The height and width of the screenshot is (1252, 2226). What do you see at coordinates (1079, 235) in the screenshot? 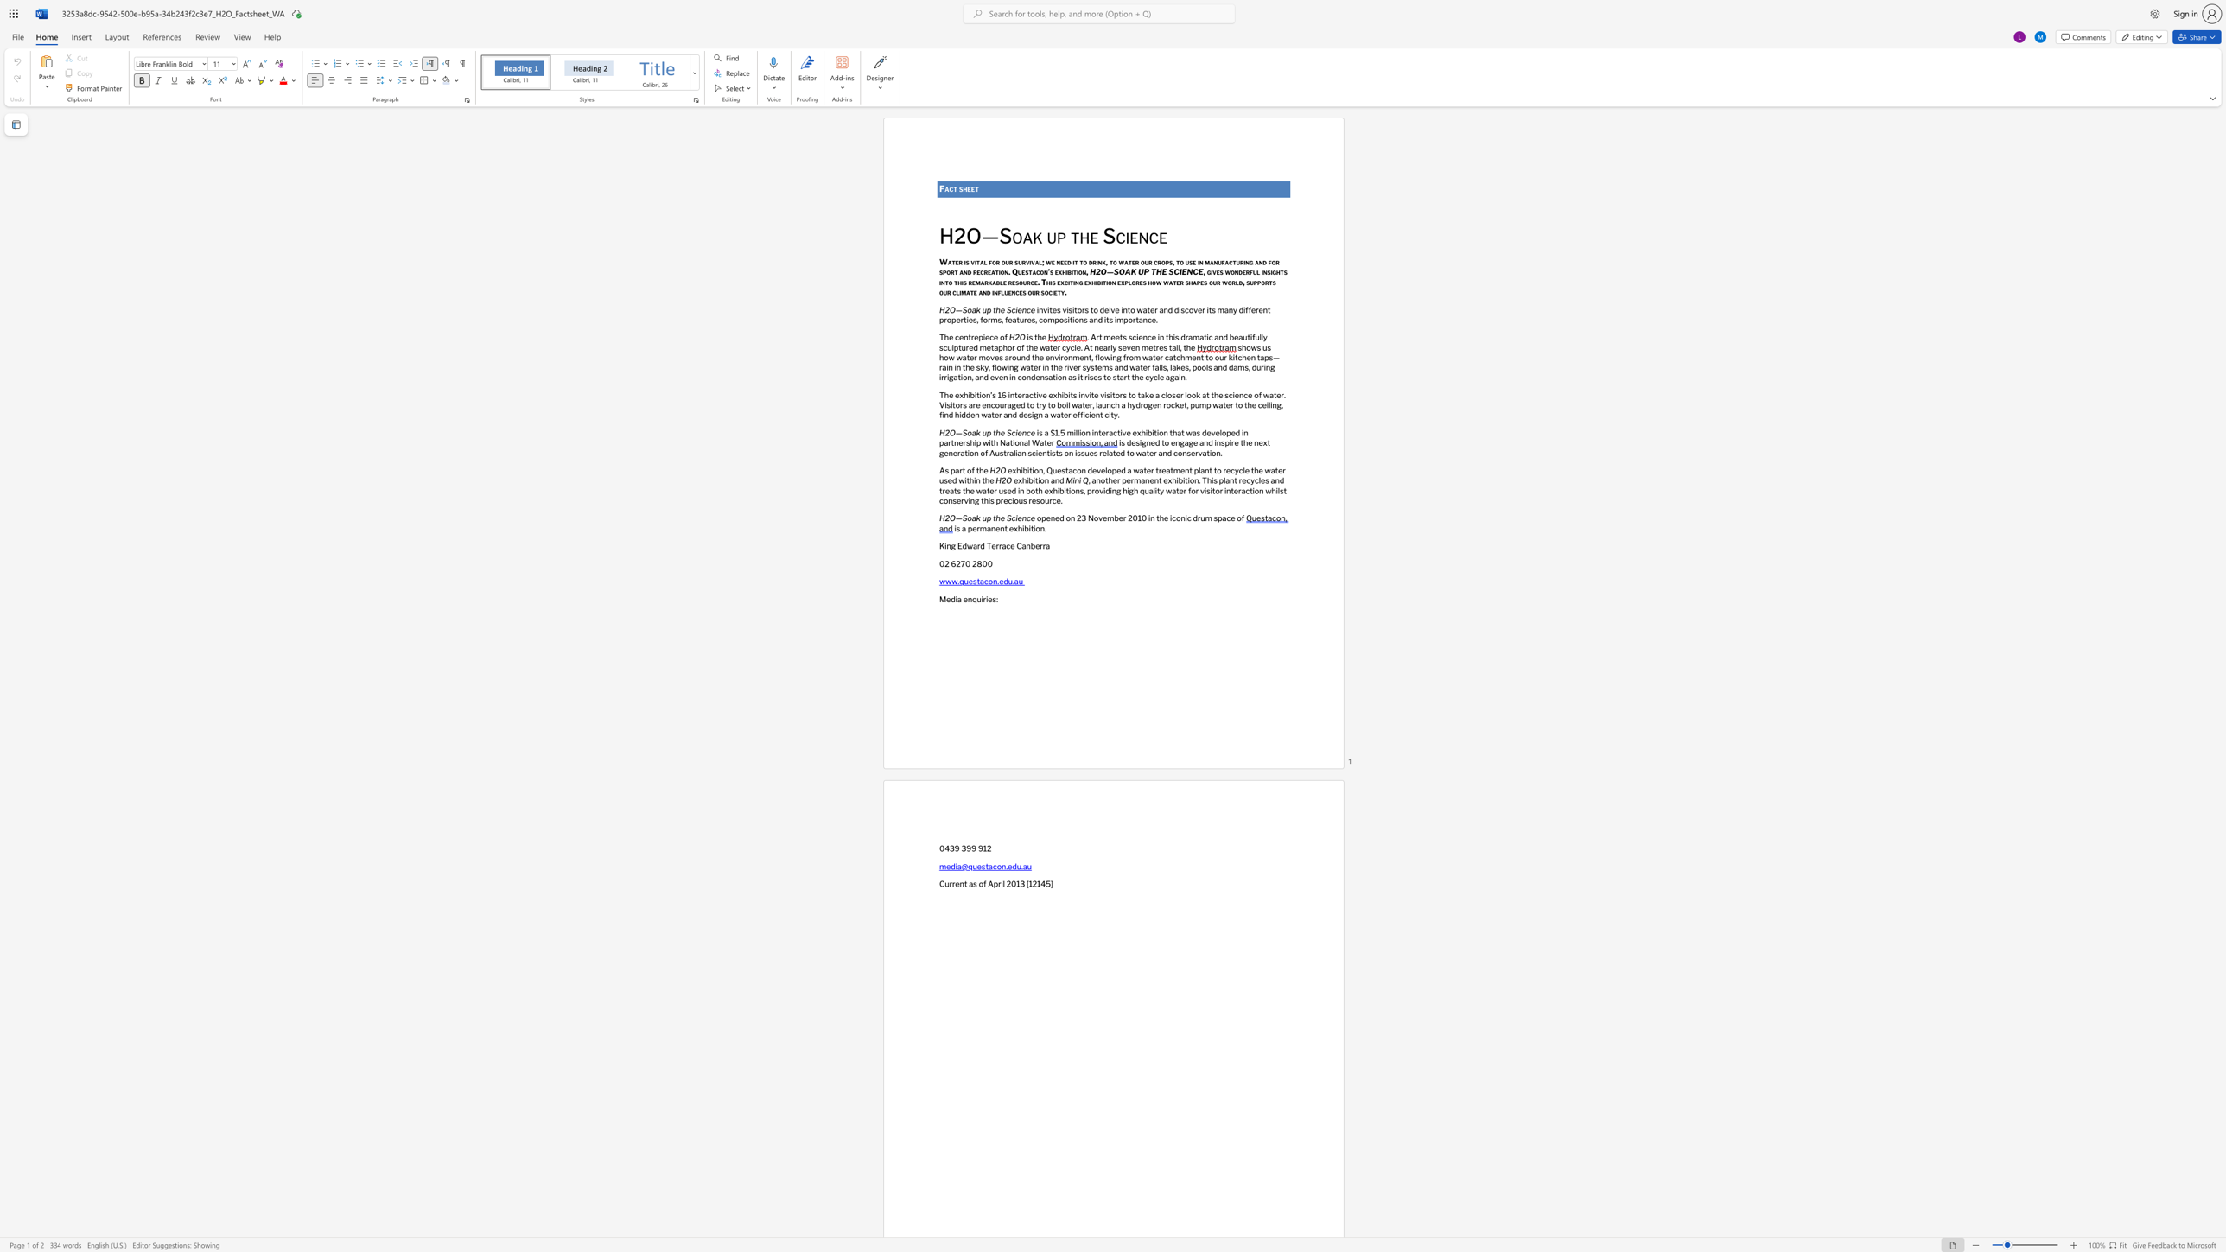
I see `the space between the continuous character "t" and "h" in the text` at bounding box center [1079, 235].